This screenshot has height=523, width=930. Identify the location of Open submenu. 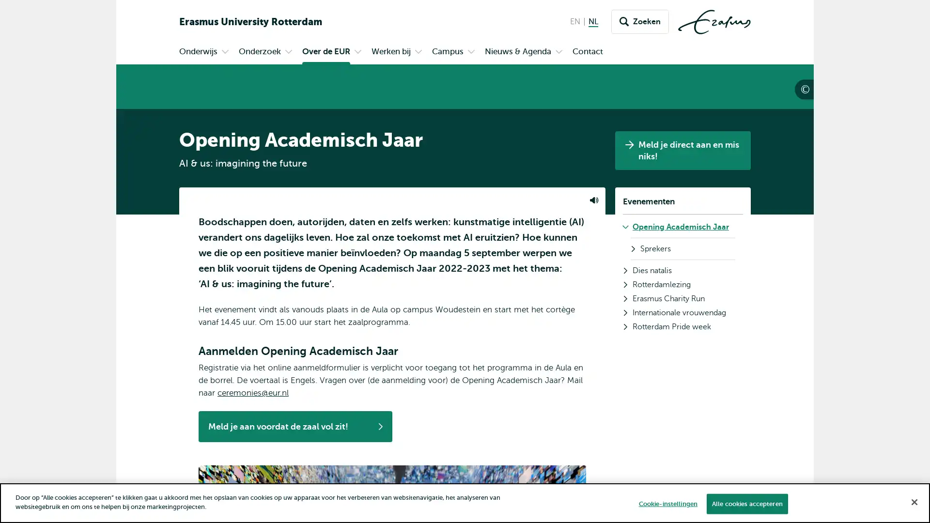
(357, 52).